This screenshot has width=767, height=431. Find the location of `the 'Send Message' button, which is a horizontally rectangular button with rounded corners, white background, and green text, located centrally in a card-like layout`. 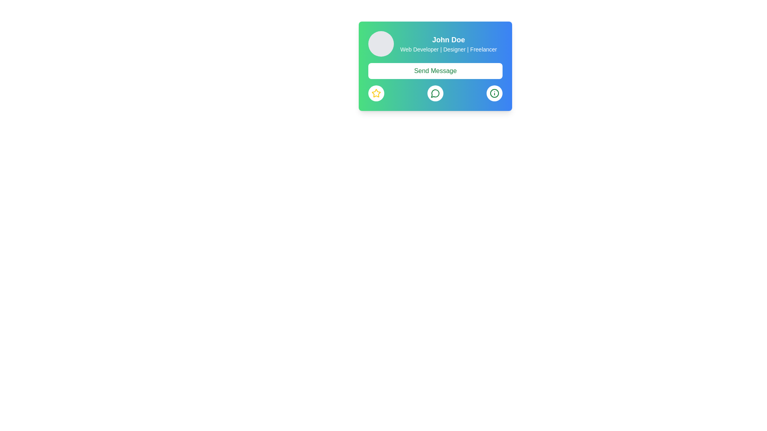

the 'Send Message' button, which is a horizontally rectangular button with rounded corners, white background, and green text, located centrally in a card-like layout is located at coordinates (435, 70).